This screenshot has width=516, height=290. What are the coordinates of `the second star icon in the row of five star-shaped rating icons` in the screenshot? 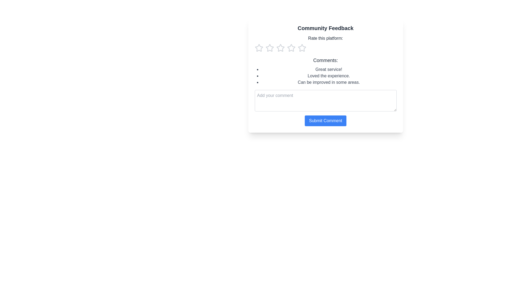 It's located at (302, 48).